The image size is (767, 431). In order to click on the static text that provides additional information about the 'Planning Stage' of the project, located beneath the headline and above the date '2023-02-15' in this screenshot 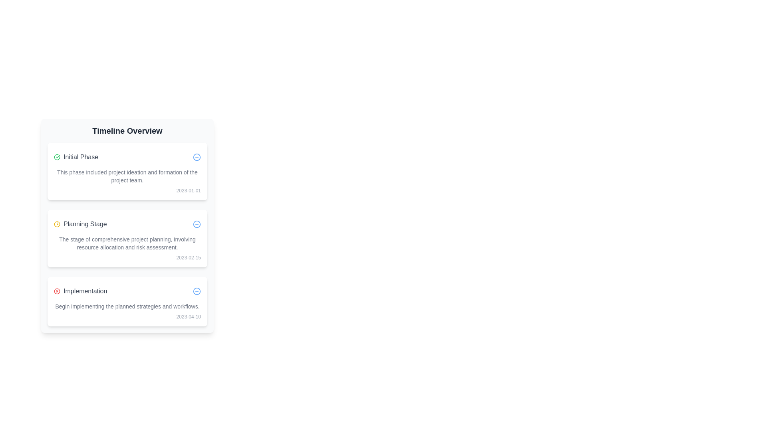, I will do `click(127, 243)`.